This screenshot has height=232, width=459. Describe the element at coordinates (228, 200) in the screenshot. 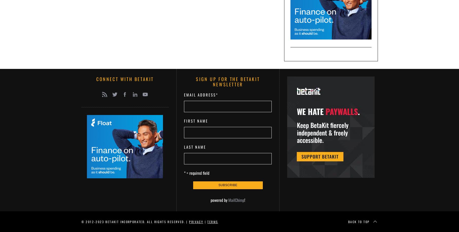

I see `'MailChimp'` at that location.